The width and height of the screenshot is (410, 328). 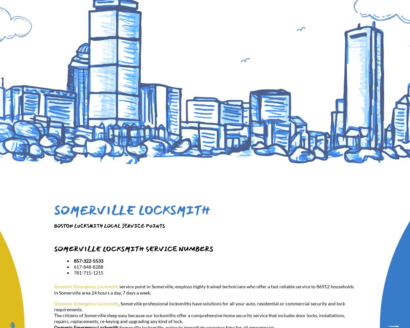 What do you see at coordinates (132, 211) in the screenshot?
I see `'Somerville Locksmith'` at bounding box center [132, 211].